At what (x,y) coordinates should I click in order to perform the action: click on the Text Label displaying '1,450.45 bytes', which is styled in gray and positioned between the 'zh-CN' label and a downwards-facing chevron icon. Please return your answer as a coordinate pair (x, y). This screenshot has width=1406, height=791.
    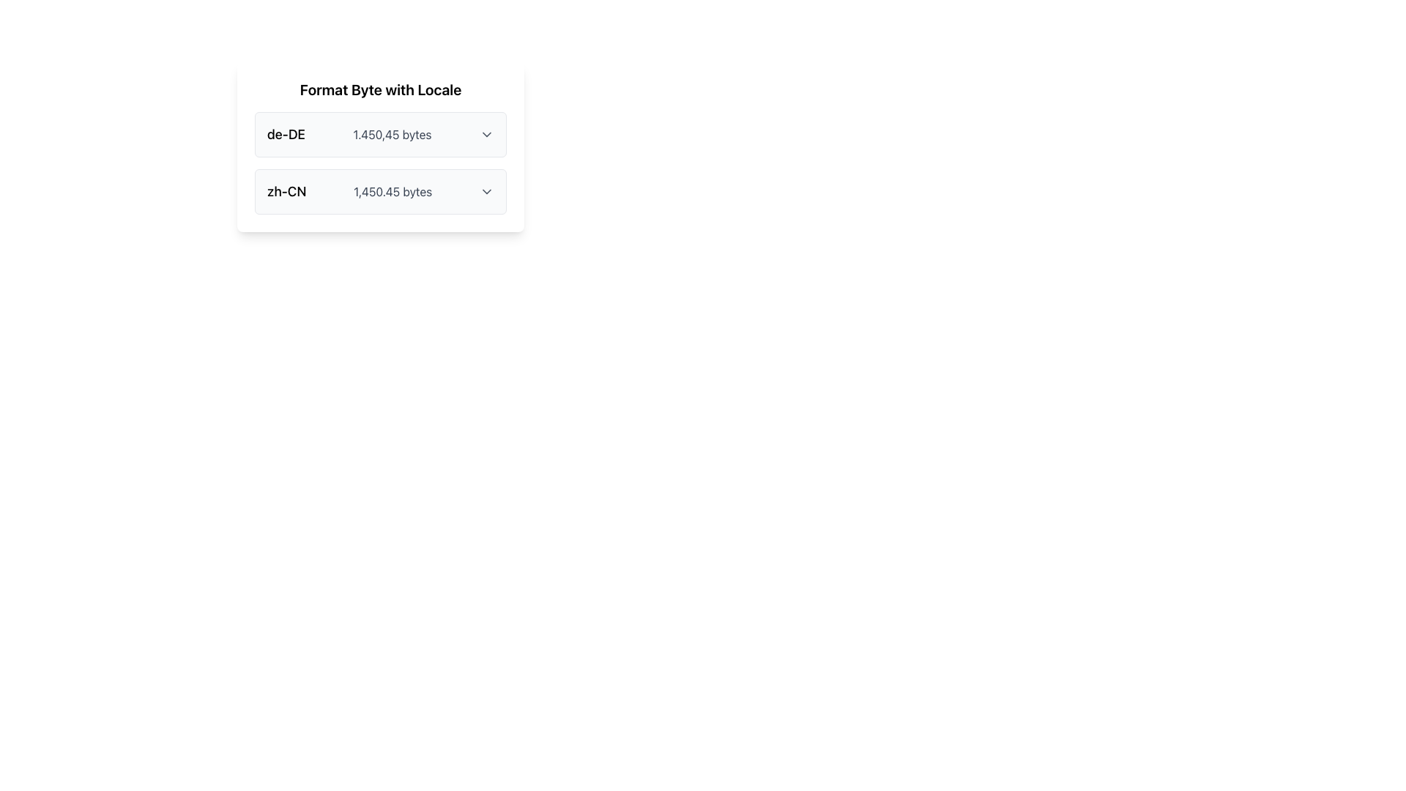
    Looking at the image, I should click on (393, 191).